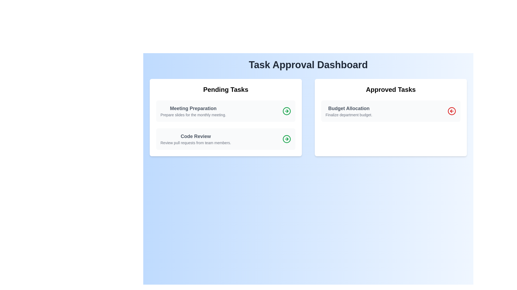  Describe the element at coordinates (195, 143) in the screenshot. I see `additional details provided in the Text label located in the 'Pending Tasks' section, below the 'Code Review' title and above the green arrow button` at that location.